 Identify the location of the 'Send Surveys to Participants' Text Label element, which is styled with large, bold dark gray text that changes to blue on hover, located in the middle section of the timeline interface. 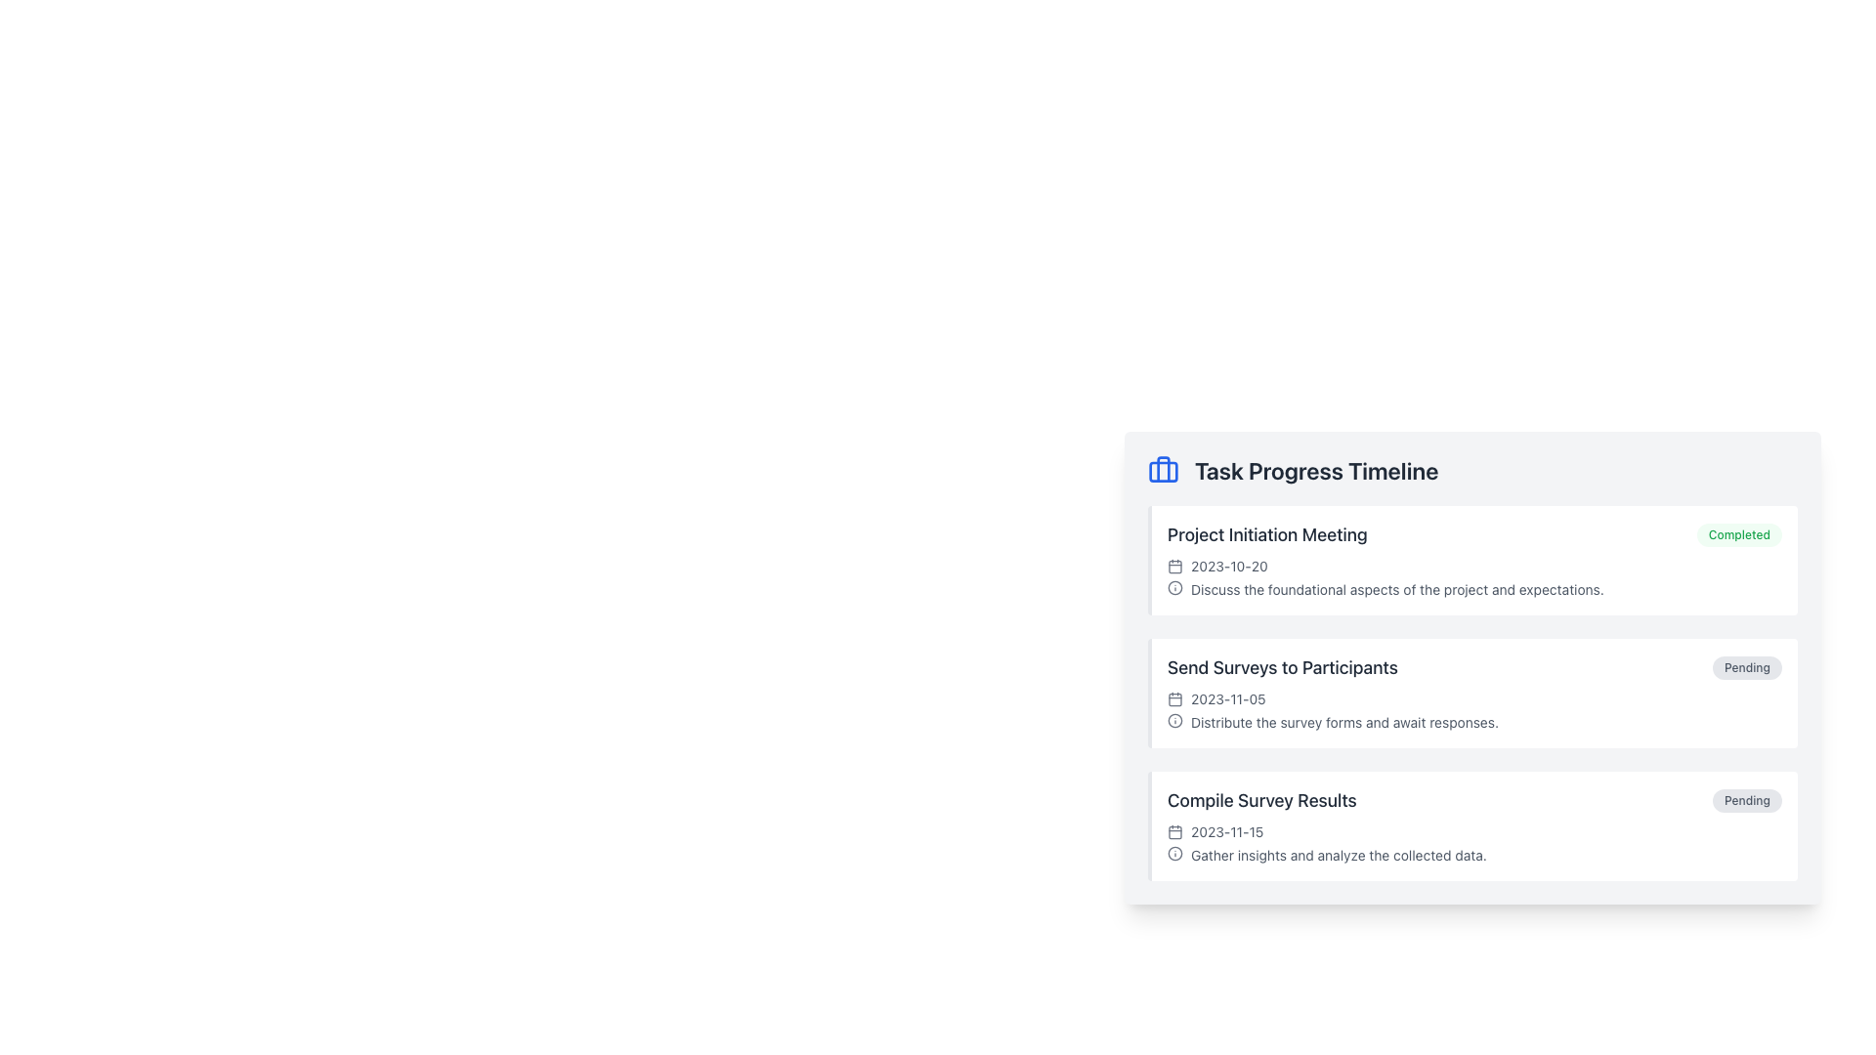
(1282, 666).